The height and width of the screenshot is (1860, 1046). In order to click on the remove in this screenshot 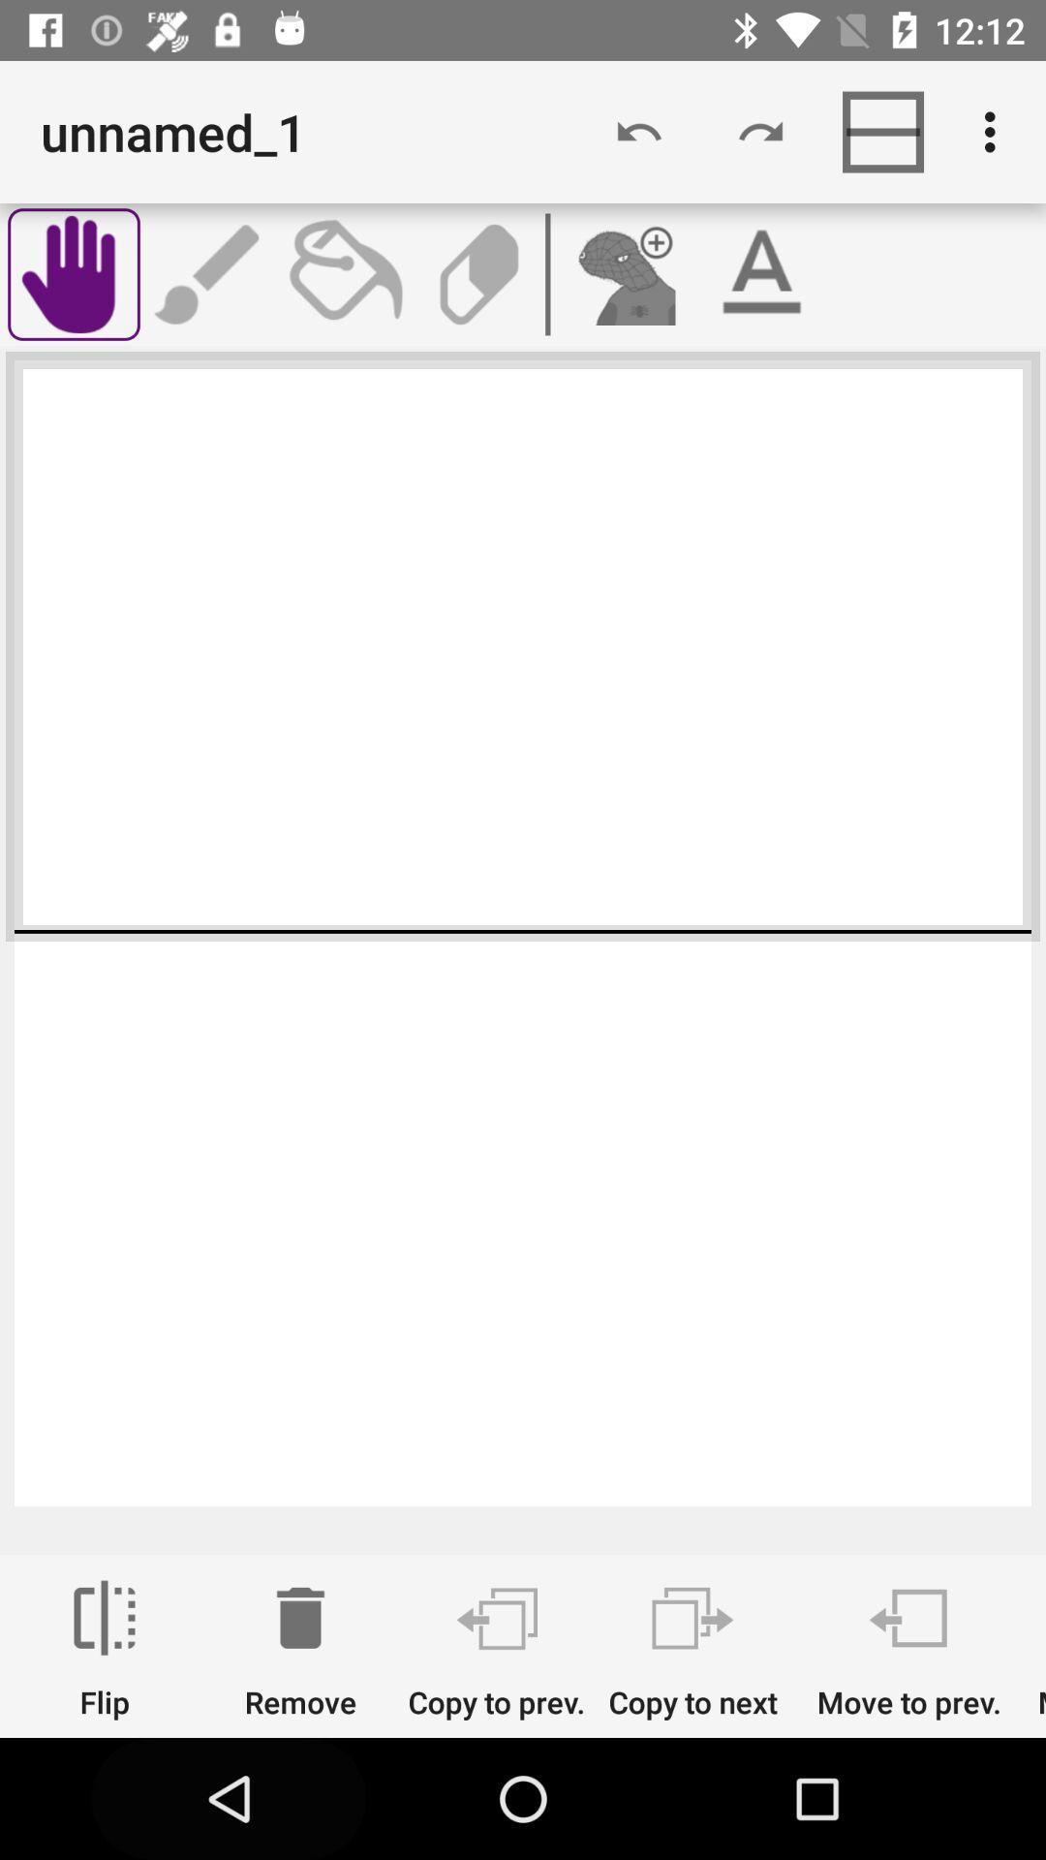, I will do `click(300, 1649)`.